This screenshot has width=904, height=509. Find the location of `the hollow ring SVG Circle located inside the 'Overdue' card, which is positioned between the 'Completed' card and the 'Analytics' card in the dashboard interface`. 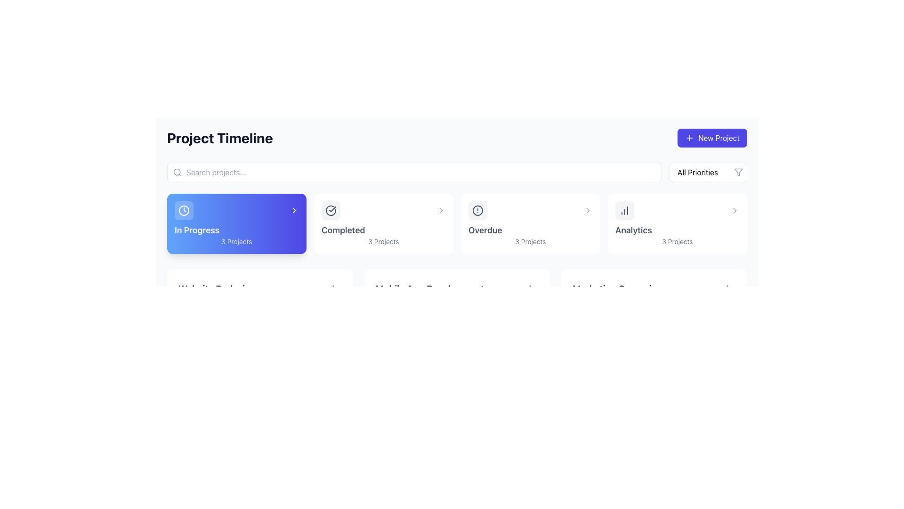

the hollow ring SVG Circle located inside the 'Overdue' card, which is positioned between the 'Completed' card and the 'Analytics' card in the dashboard interface is located at coordinates (477, 210).